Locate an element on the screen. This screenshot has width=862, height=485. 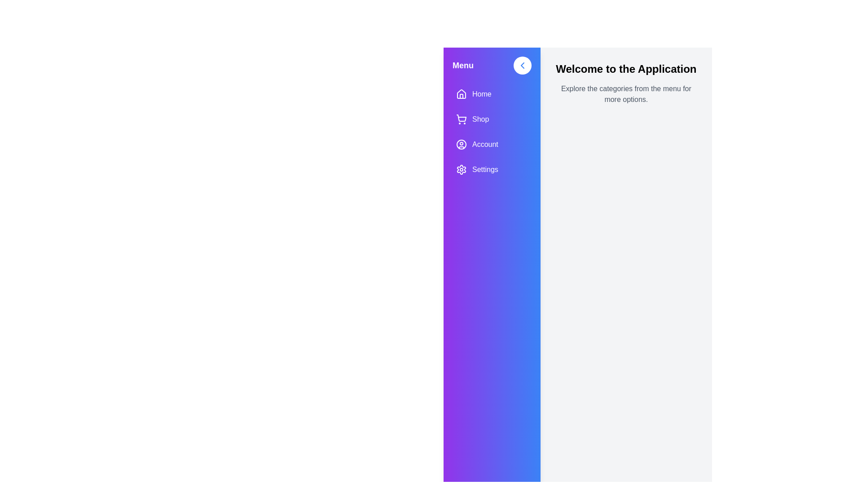
the 'Shop' icon represented by a shopping cart located in the vertical navigation list in the sidebar, directly below the 'Home' menu item is located at coordinates (461, 119).